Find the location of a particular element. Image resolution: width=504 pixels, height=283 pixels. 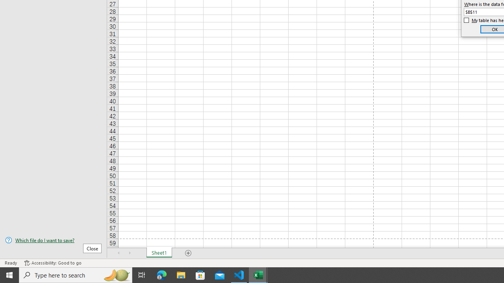

'Accessibility Checker Accessibility: Good to go' is located at coordinates (52, 263).